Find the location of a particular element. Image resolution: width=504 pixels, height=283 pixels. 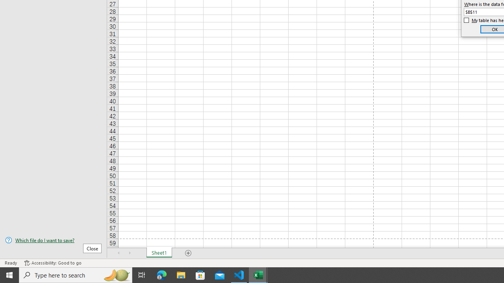

'Accessibility Checker Accessibility: Good to go' is located at coordinates (52, 263).